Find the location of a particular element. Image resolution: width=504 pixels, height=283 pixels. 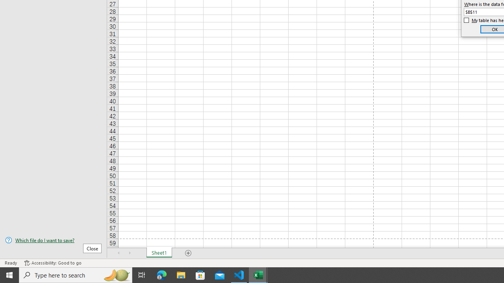

'Accessibility Checker Accessibility: Good to go' is located at coordinates (52, 263).